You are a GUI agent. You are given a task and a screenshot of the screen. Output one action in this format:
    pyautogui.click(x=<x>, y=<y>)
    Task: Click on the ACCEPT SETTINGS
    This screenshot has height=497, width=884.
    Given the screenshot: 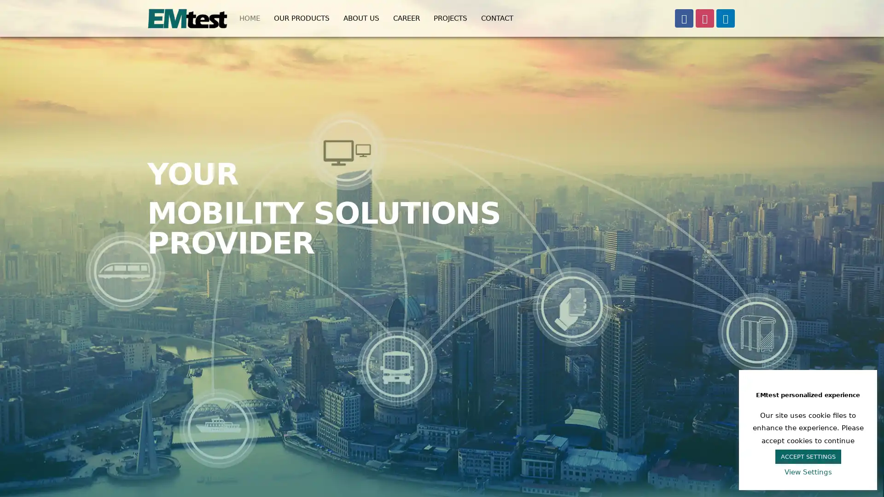 What is the action you would take?
    pyautogui.click(x=807, y=456)
    